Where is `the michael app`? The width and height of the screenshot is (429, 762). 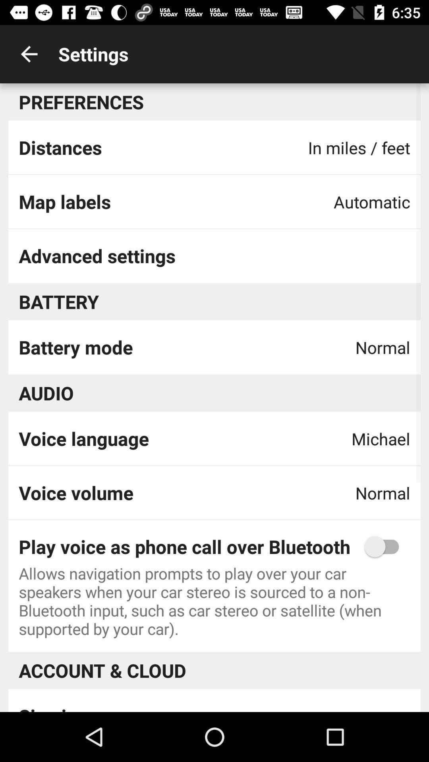
the michael app is located at coordinates (380, 438).